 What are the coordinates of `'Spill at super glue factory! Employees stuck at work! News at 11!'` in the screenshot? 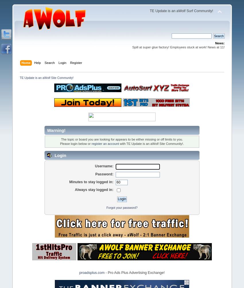 It's located at (178, 47).